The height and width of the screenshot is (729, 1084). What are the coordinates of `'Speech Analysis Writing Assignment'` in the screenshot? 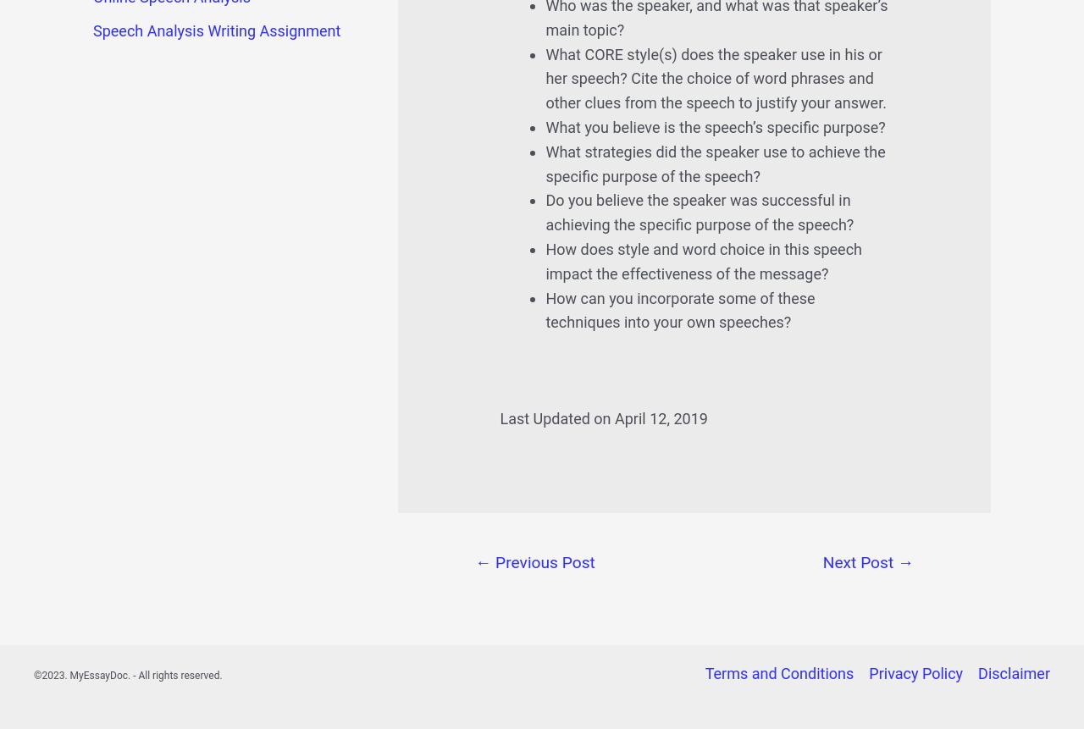 It's located at (216, 30).